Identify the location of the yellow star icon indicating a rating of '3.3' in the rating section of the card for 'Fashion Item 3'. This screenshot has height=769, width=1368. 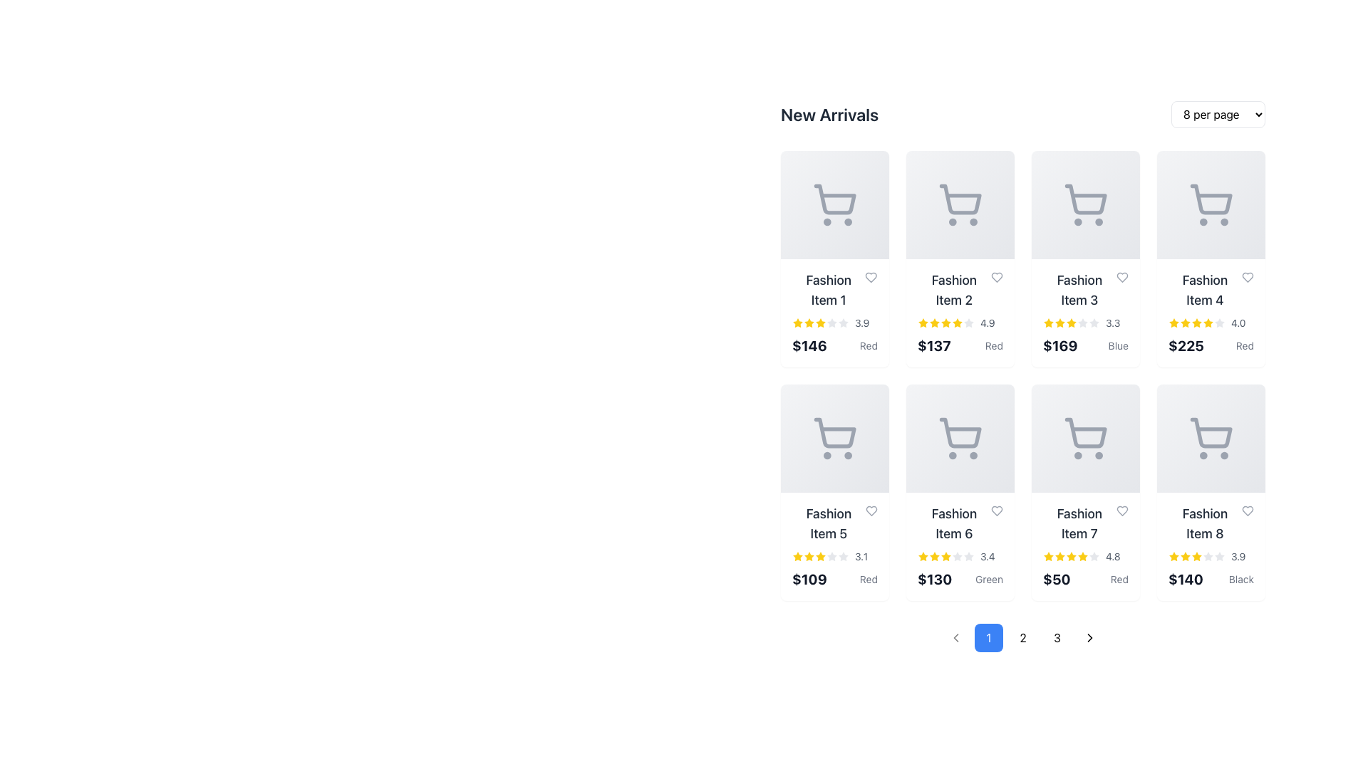
(1049, 323).